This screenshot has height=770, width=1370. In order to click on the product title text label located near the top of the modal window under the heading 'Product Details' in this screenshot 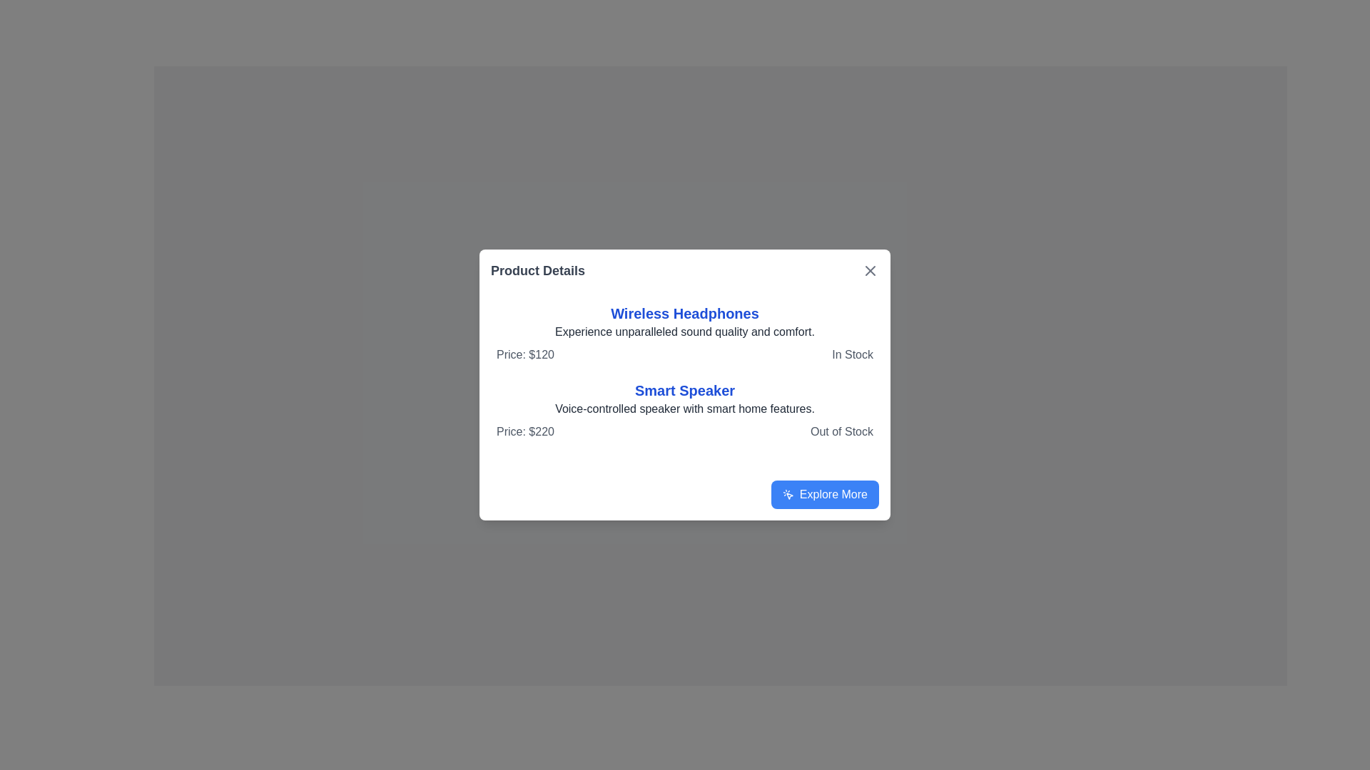, I will do `click(685, 312)`.